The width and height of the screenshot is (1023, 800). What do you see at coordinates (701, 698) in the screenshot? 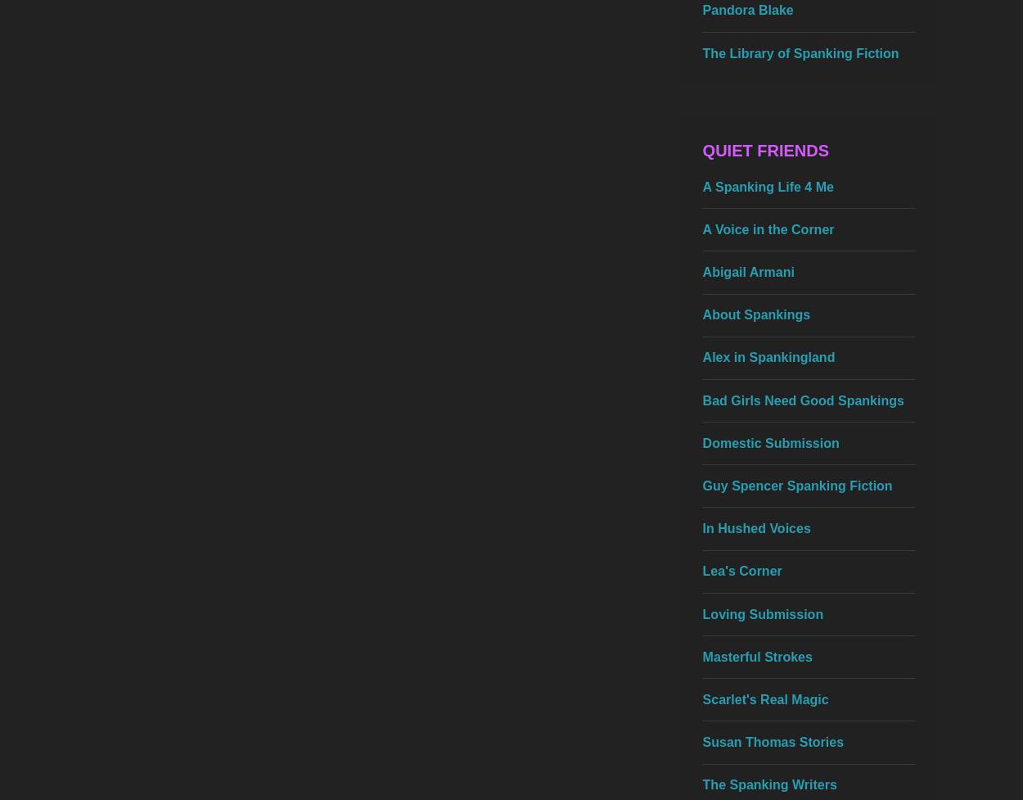
I see `'Scarlet's Real Magic'` at bounding box center [701, 698].